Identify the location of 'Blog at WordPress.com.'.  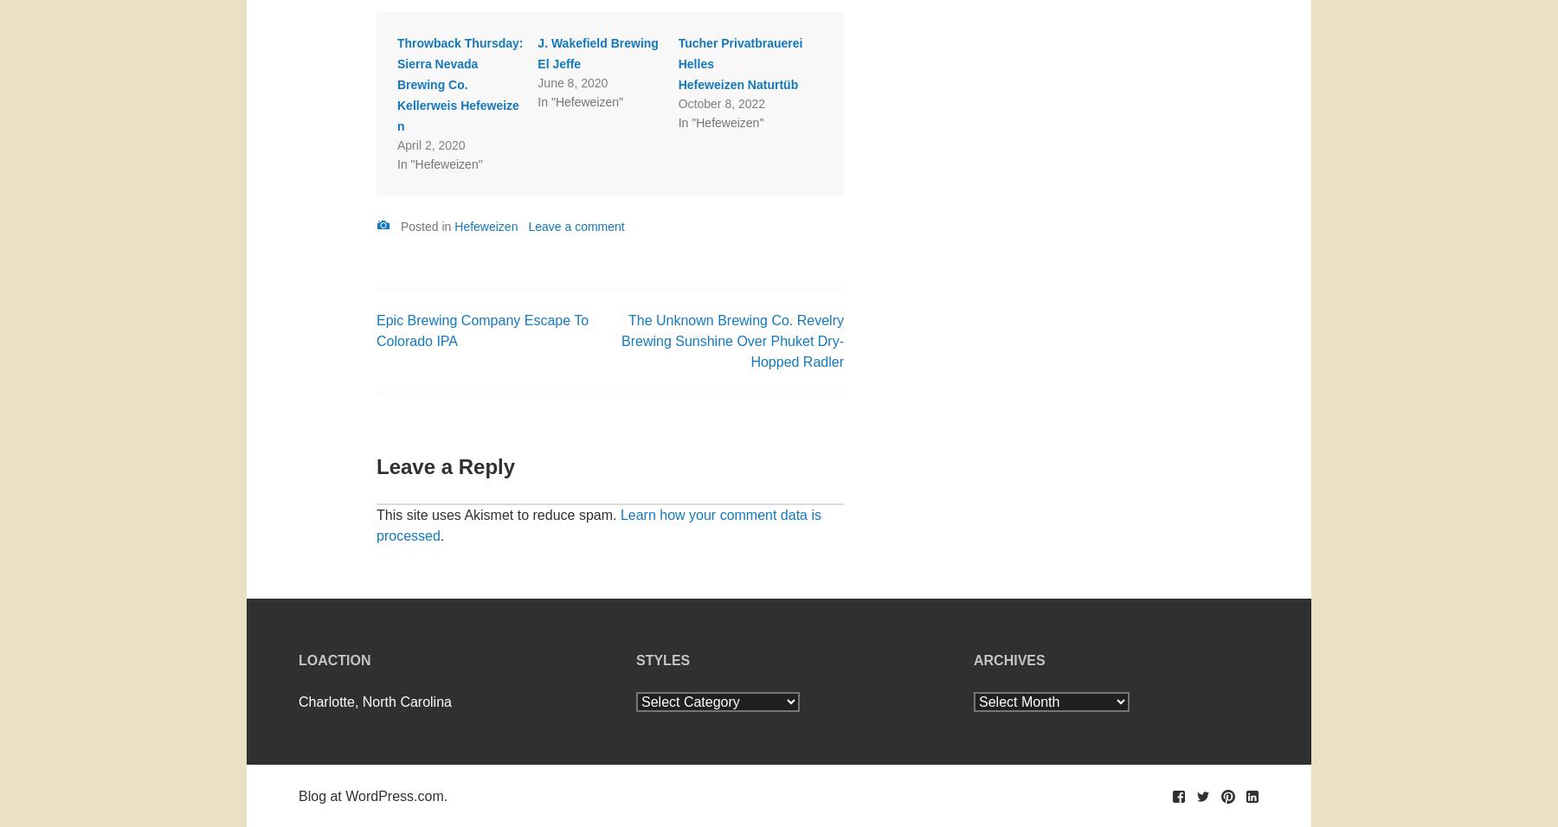
(372, 795).